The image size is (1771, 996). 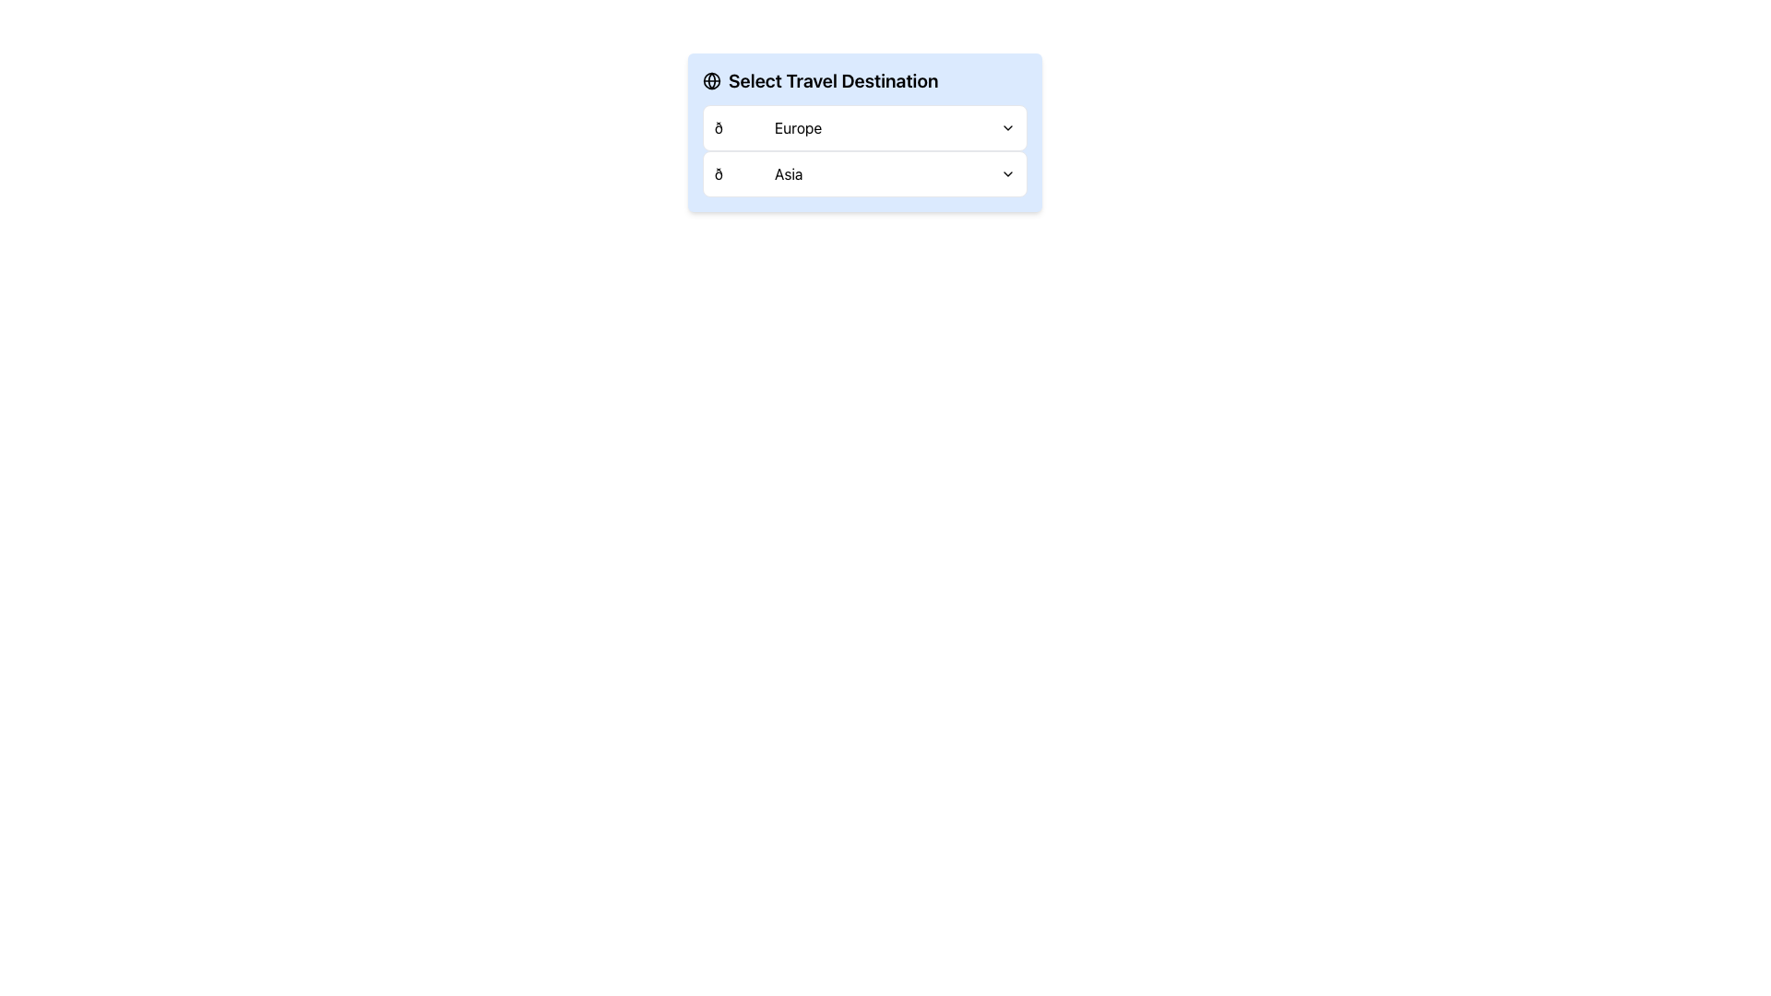 I want to click on the collapsible icon next to the 'Europe' dropdown item in the 'Travel Destination' selection area to provide visual feedback, so click(x=1007, y=126).